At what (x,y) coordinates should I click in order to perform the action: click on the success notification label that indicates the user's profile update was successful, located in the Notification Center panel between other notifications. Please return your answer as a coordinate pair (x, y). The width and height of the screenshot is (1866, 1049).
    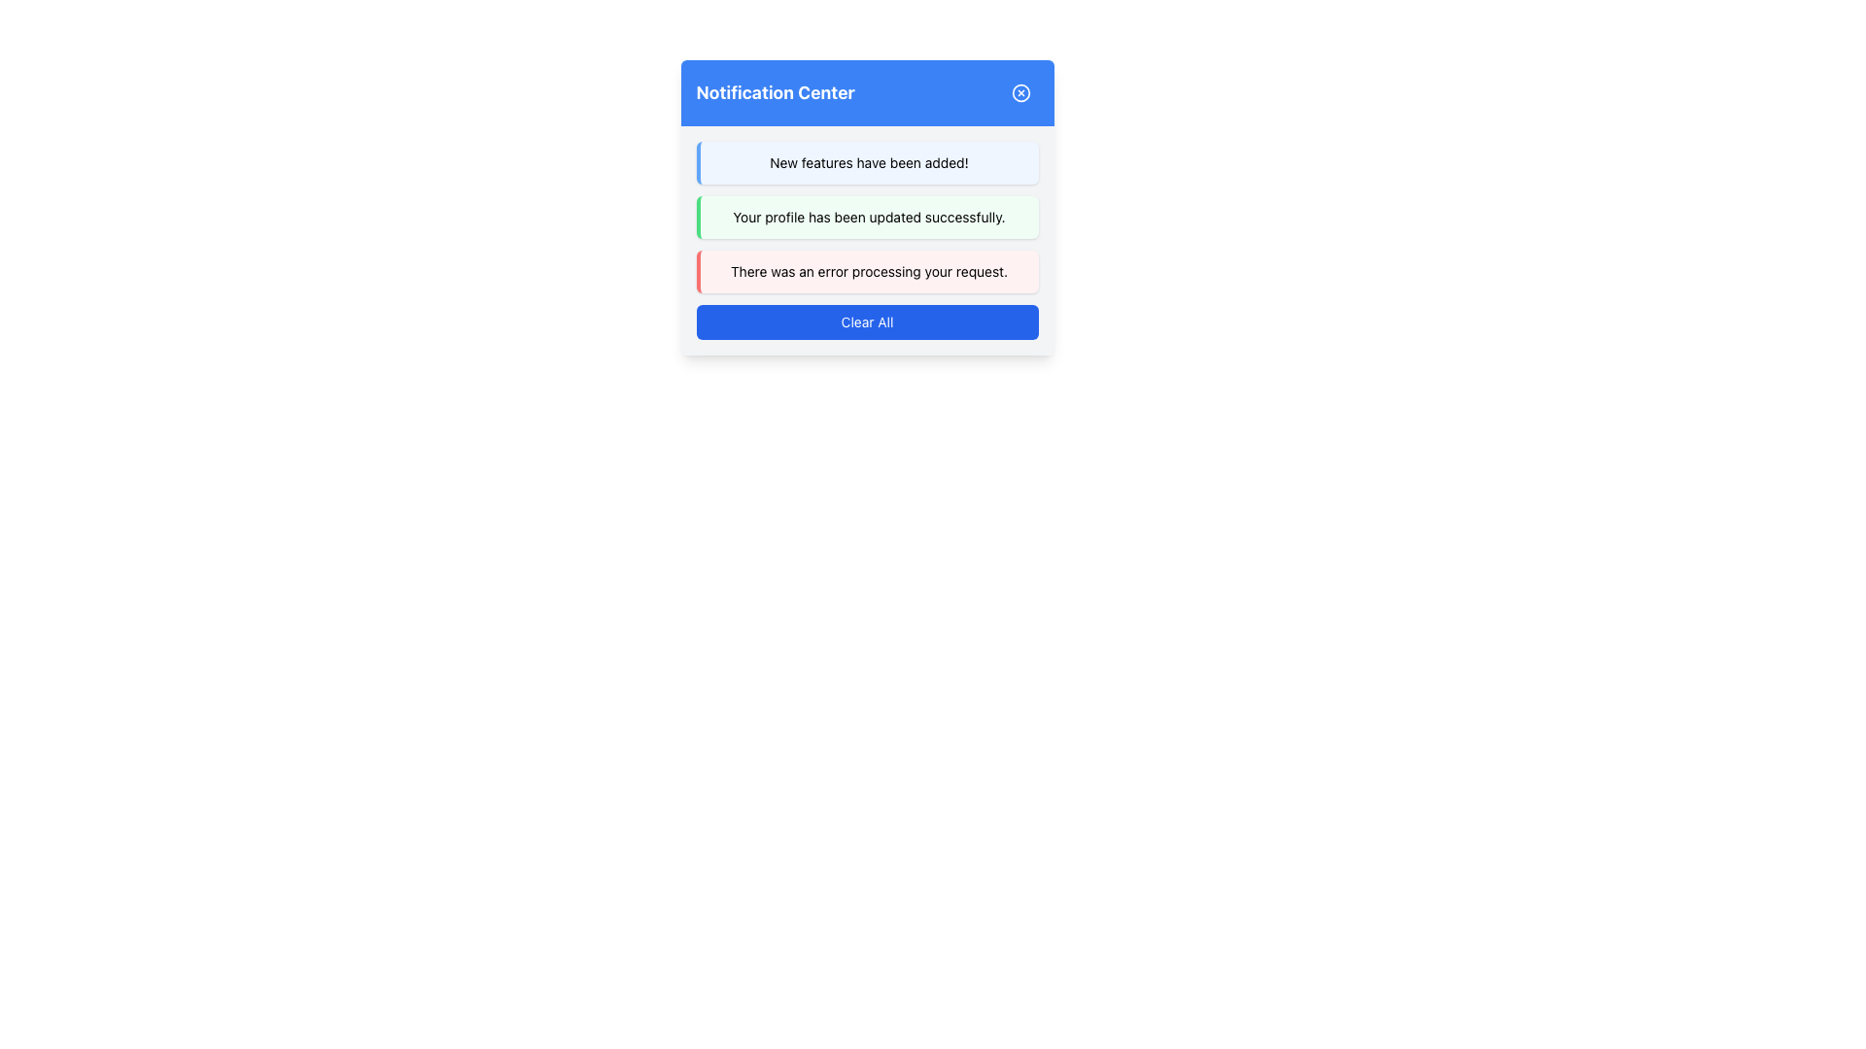
    Looking at the image, I should click on (868, 217).